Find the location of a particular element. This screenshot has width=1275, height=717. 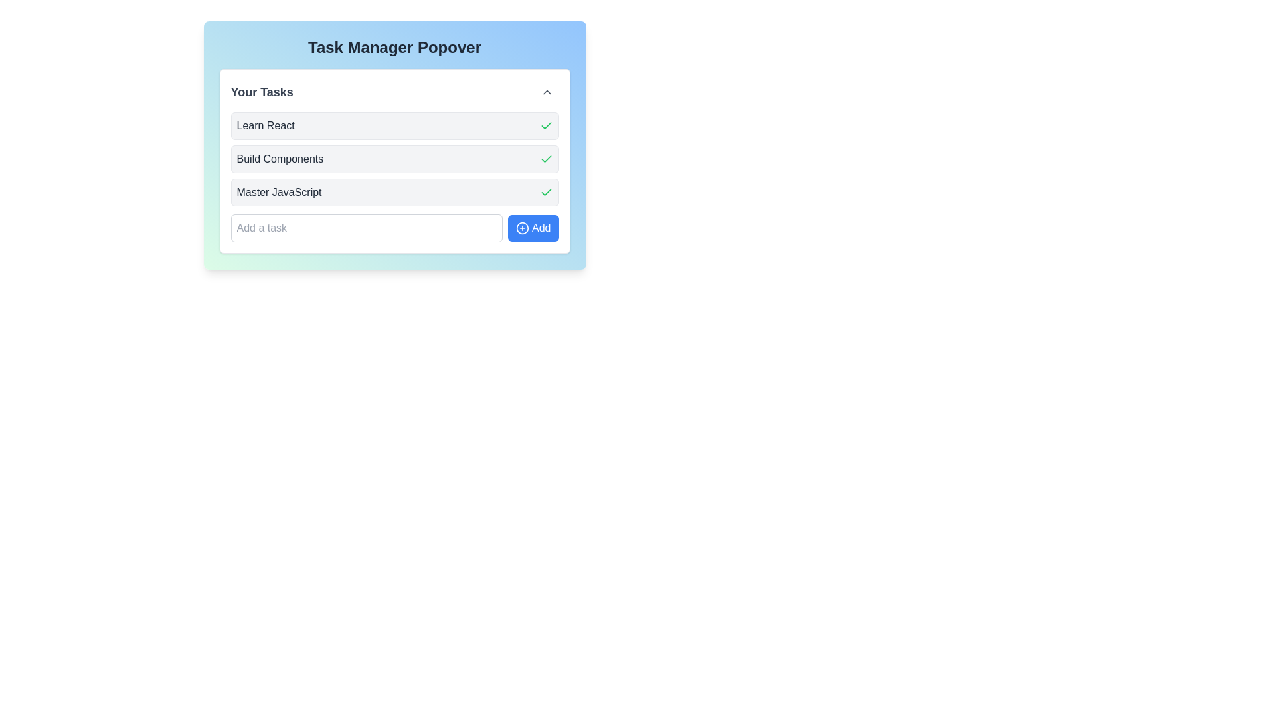

the text label displaying 'Learn React', which is styled in a simple sans-serif font and located under the 'Your Tasks' heading in the tasks section is located at coordinates (266, 125).